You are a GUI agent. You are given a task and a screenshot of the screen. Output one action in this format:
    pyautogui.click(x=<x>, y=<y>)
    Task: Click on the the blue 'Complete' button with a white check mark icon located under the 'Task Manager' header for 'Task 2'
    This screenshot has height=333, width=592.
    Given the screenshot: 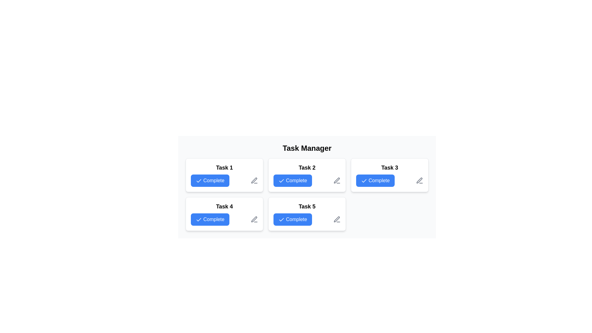 What is the action you would take?
    pyautogui.click(x=292, y=180)
    